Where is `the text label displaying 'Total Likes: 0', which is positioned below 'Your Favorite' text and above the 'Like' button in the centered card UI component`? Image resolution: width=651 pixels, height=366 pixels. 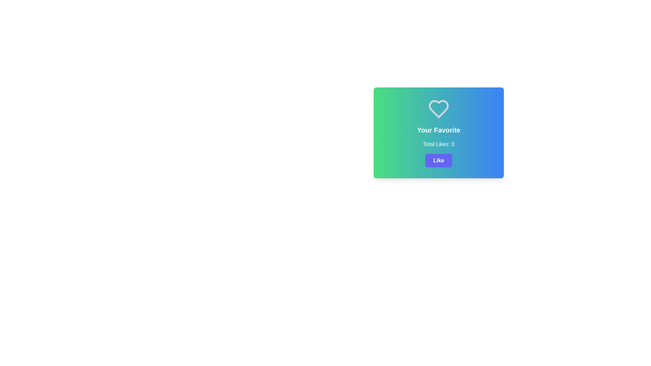
the text label displaying 'Total Likes: 0', which is positioned below 'Your Favorite' text and above the 'Like' button in the centered card UI component is located at coordinates (439, 144).